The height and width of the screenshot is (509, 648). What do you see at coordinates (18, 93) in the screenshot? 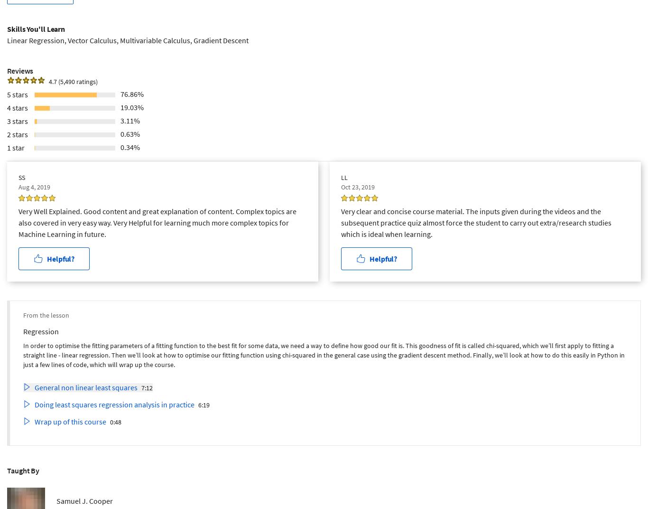
I see `'5 stars'` at bounding box center [18, 93].